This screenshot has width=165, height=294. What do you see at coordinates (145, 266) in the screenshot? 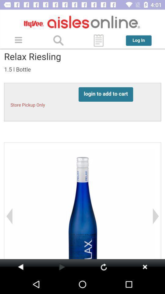
I see `go back` at bounding box center [145, 266].